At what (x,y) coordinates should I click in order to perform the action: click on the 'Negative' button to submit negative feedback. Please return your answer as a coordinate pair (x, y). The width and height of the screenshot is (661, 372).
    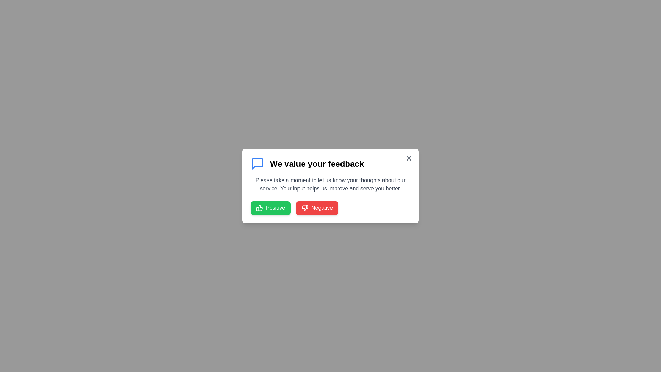
    Looking at the image, I should click on (317, 208).